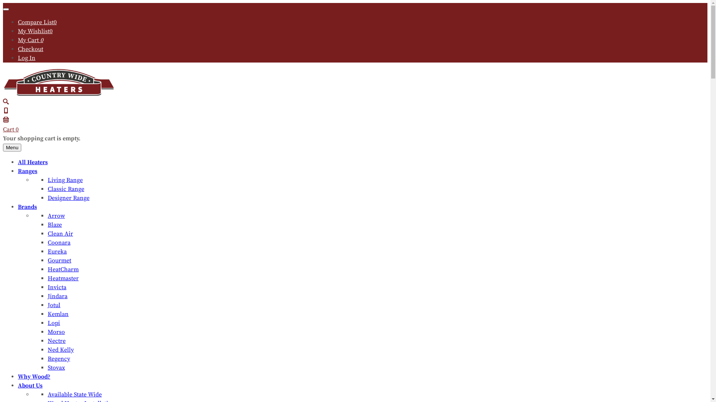 The width and height of the screenshot is (716, 402). What do you see at coordinates (30, 49) in the screenshot?
I see `'Checkout'` at bounding box center [30, 49].